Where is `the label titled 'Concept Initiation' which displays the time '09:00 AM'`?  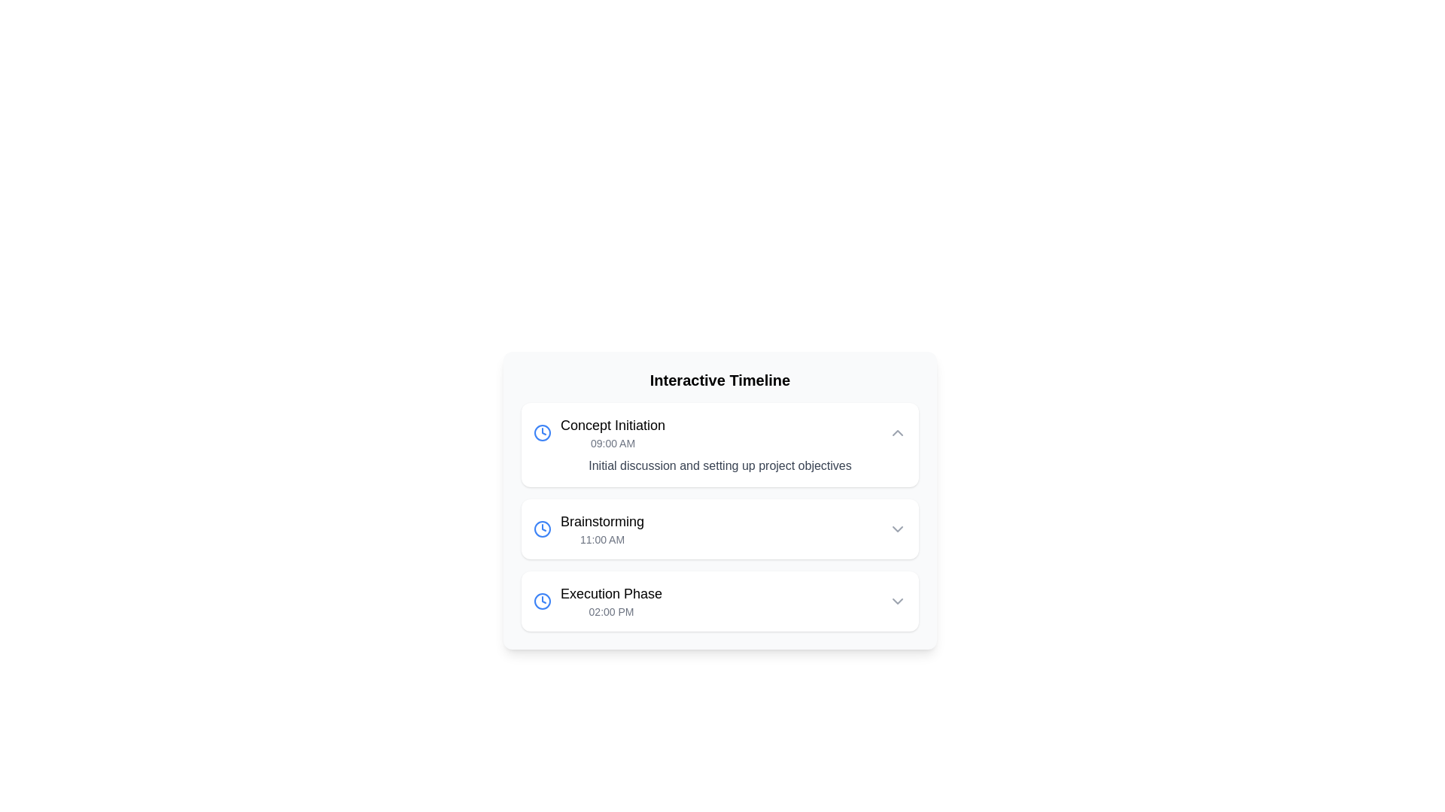 the label titled 'Concept Initiation' which displays the time '09:00 AM' is located at coordinates (613, 432).